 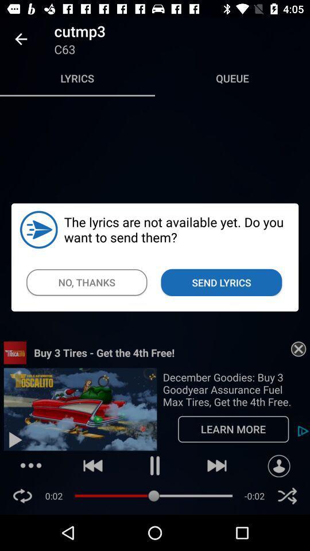 What do you see at coordinates (299, 348) in the screenshot?
I see `the close button on the web page` at bounding box center [299, 348].